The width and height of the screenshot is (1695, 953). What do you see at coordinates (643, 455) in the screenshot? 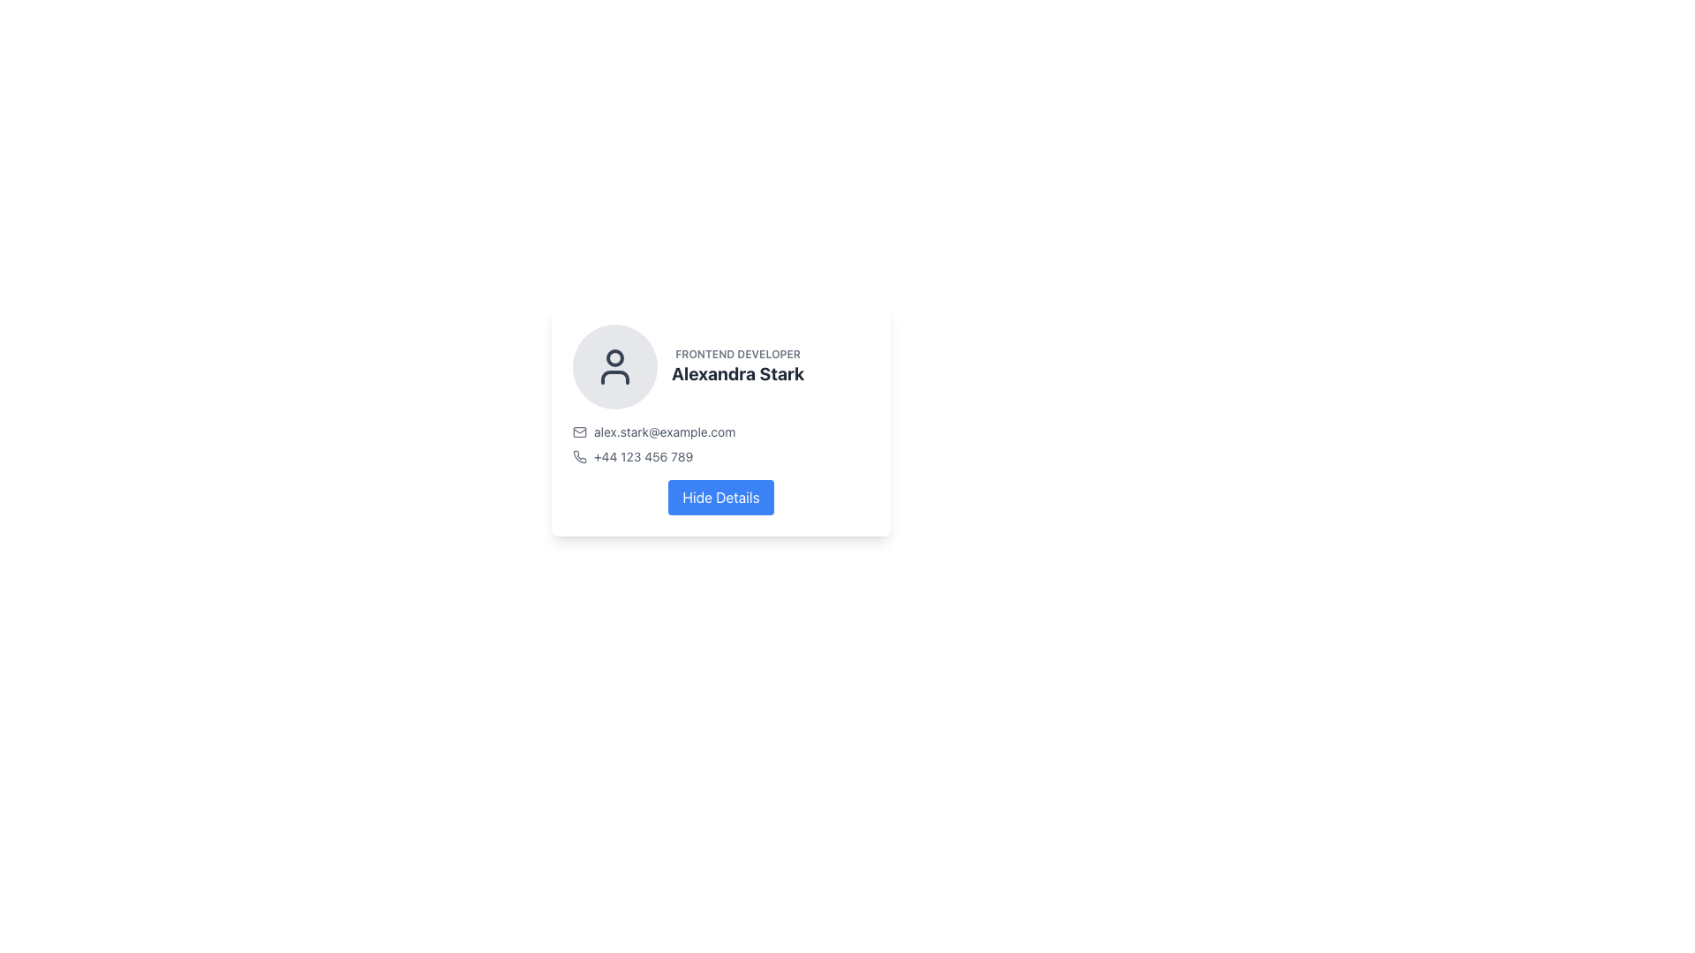
I see `the phone number text label '+44 123 456 789' in the user profile card, which is displayed in a small gray font and aligned horizontally with a phone icon` at bounding box center [643, 455].